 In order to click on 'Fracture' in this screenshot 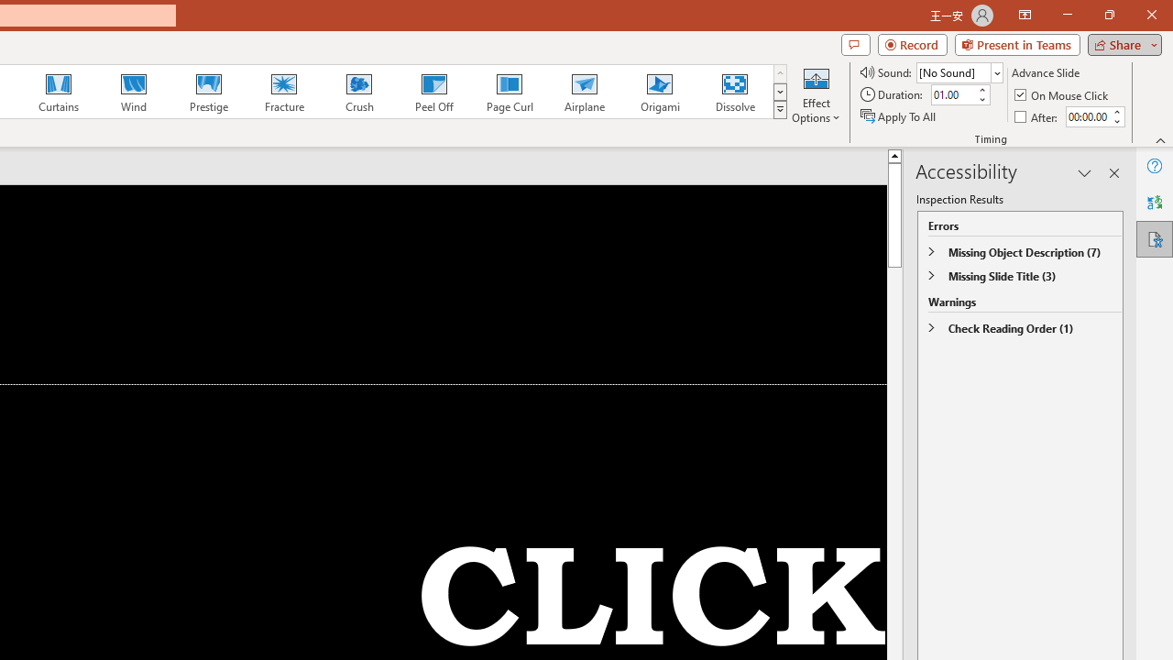, I will do `click(282, 92)`.